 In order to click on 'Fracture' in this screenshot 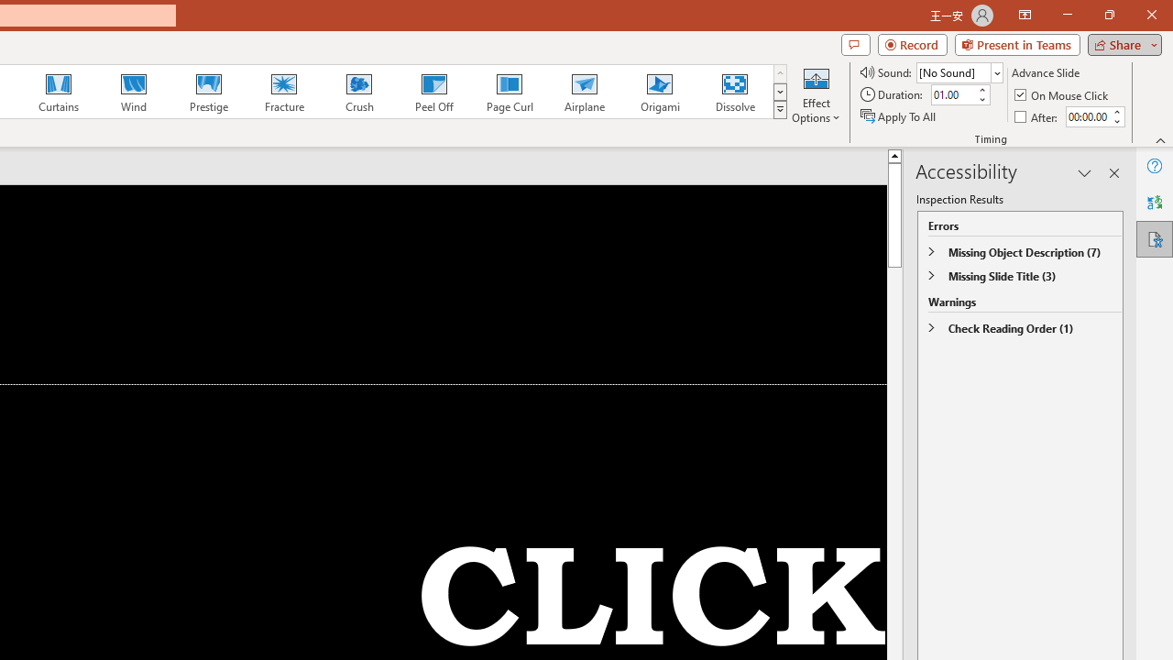, I will do `click(282, 92)`.